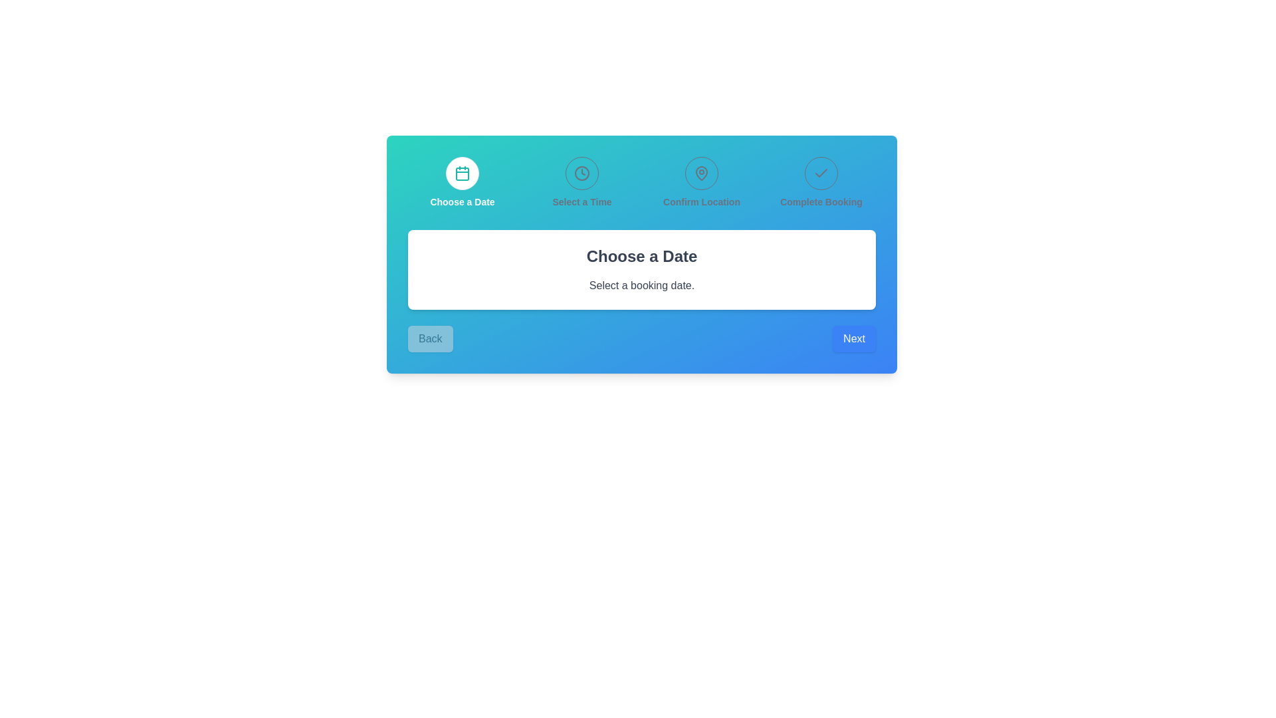 This screenshot has width=1276, height=718. Describe the element at coordinates (821, 182) in the screenshot. I see `the 'Complete Booking' step indicator, which is the fourth element in a horizontal group of booking steps located in the top-right section` at that location.